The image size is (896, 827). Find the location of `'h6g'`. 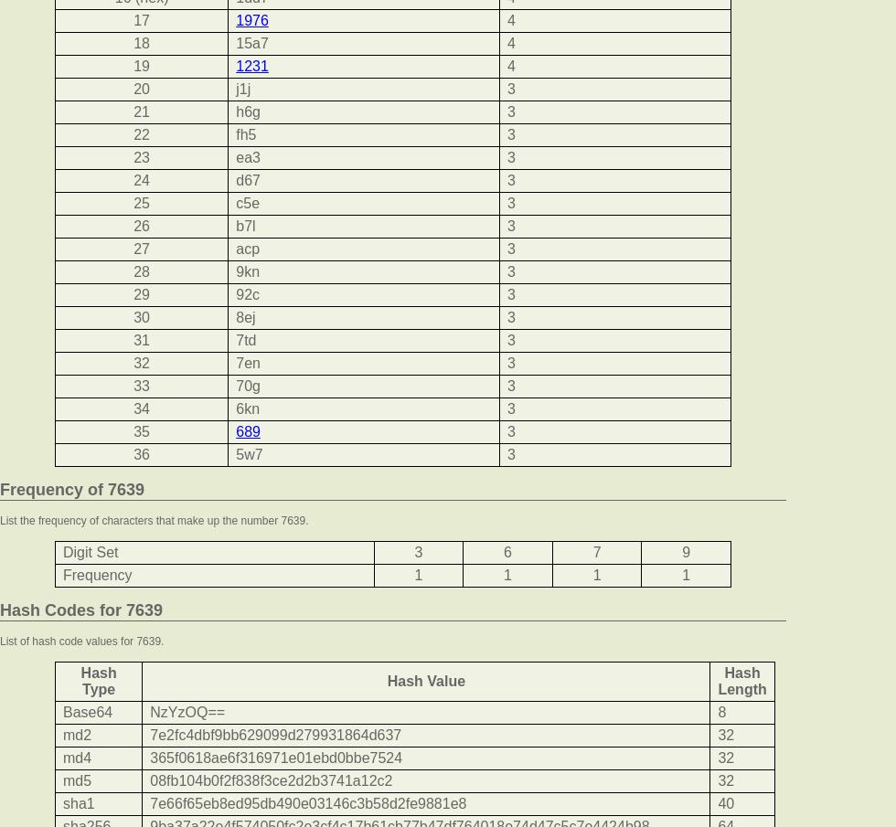

'h6g' is located at coordinates (236, 111).